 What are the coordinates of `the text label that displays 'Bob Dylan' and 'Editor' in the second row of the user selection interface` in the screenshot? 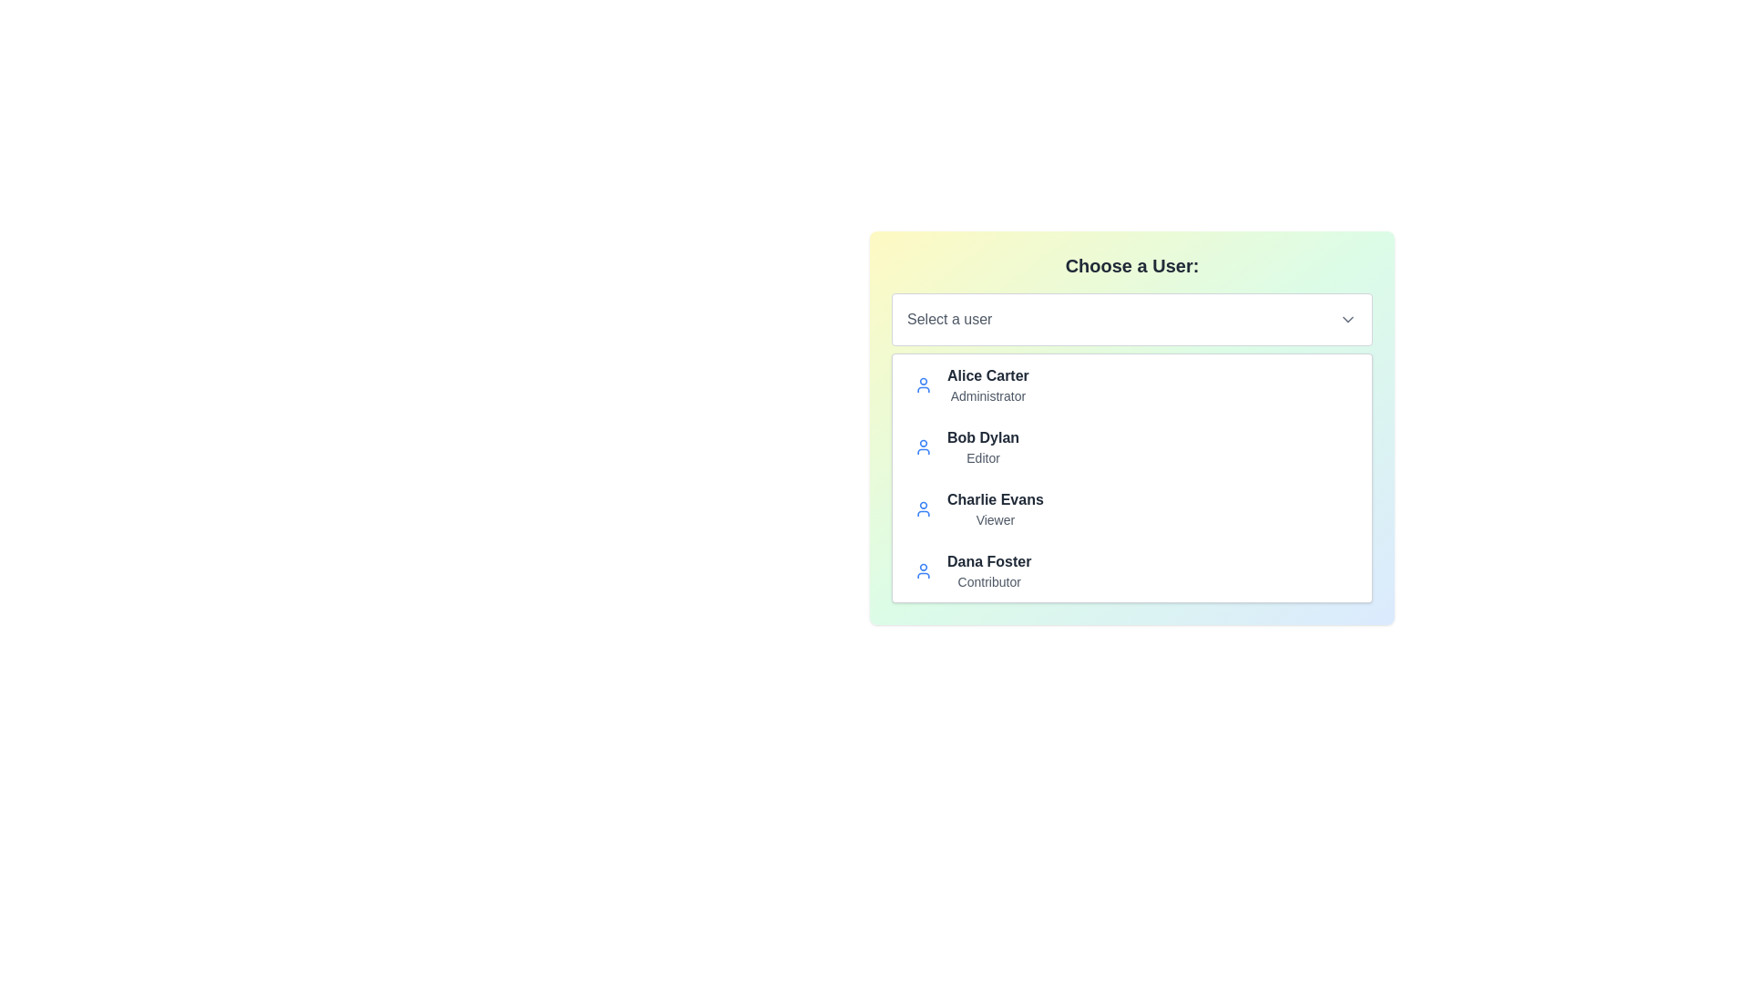 It's located at (982, 446).